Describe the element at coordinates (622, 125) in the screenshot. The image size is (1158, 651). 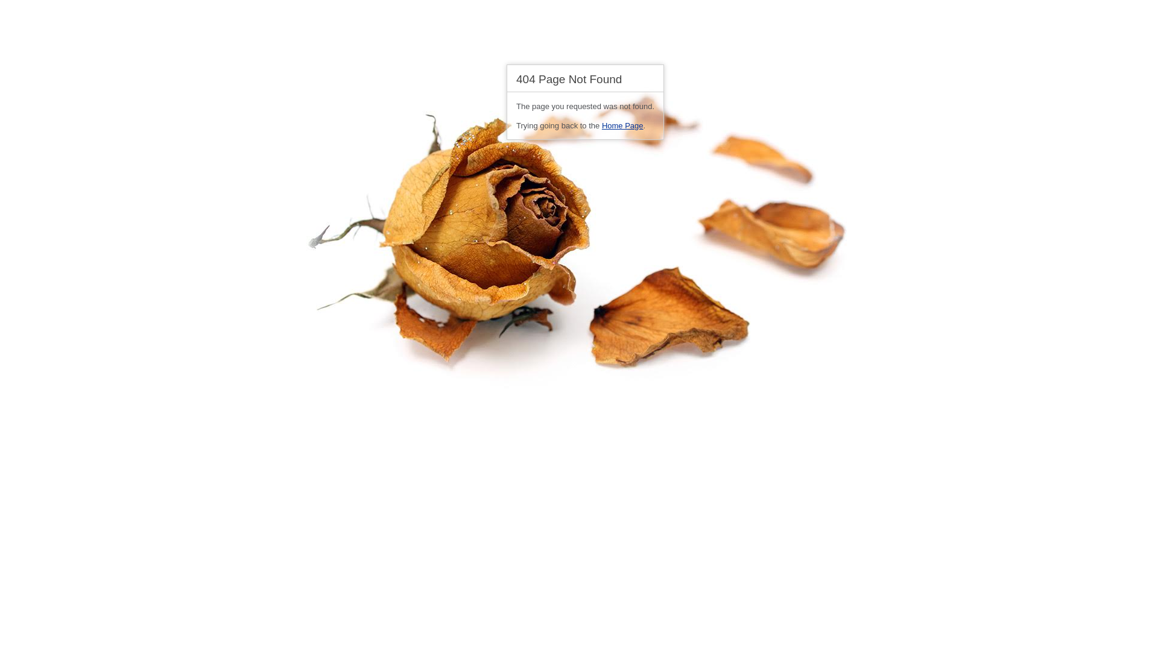
I see `'Home Page'` at that location.